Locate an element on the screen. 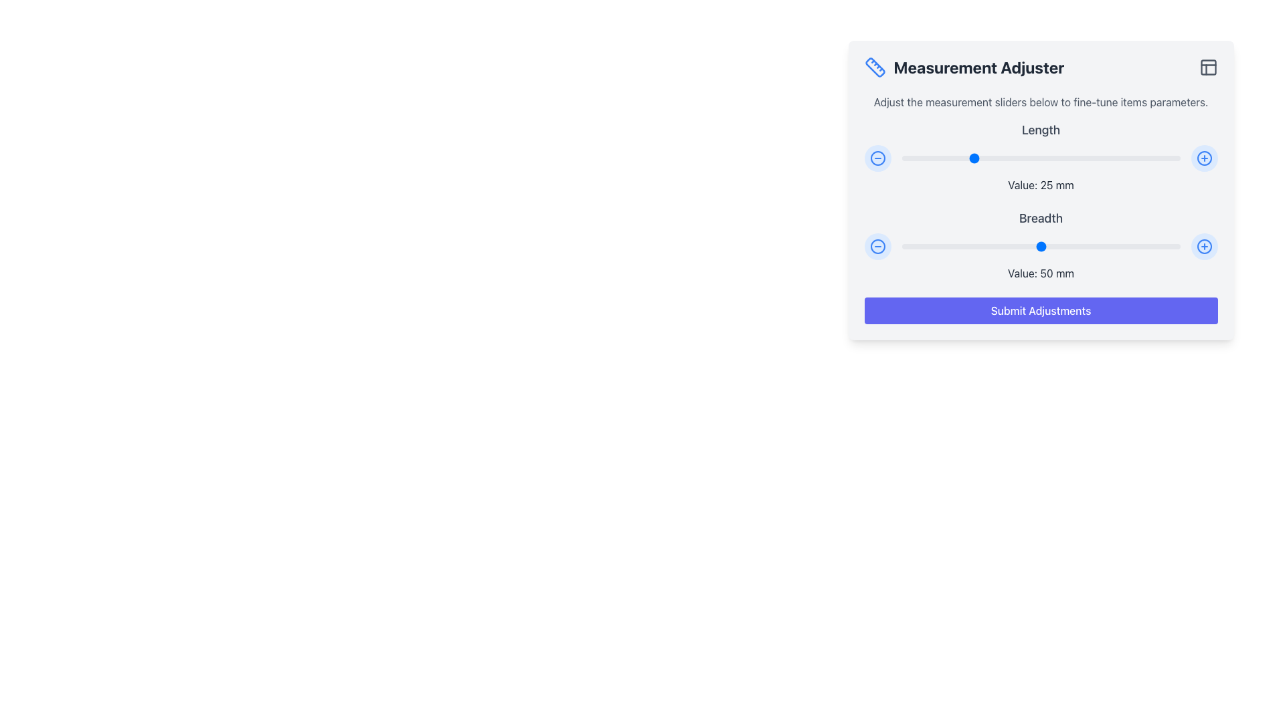  the length value is located at coordinates (966, 157).